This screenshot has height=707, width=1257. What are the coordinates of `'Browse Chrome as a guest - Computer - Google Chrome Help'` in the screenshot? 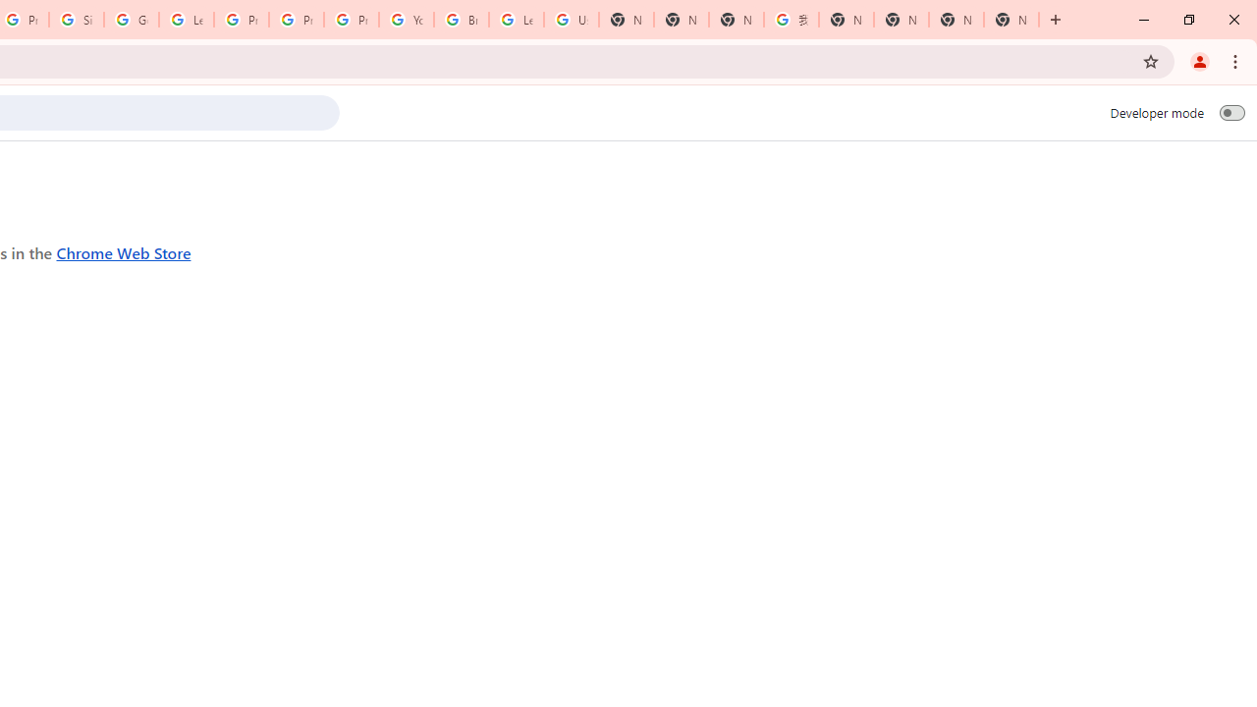 It's located at (460, 20).